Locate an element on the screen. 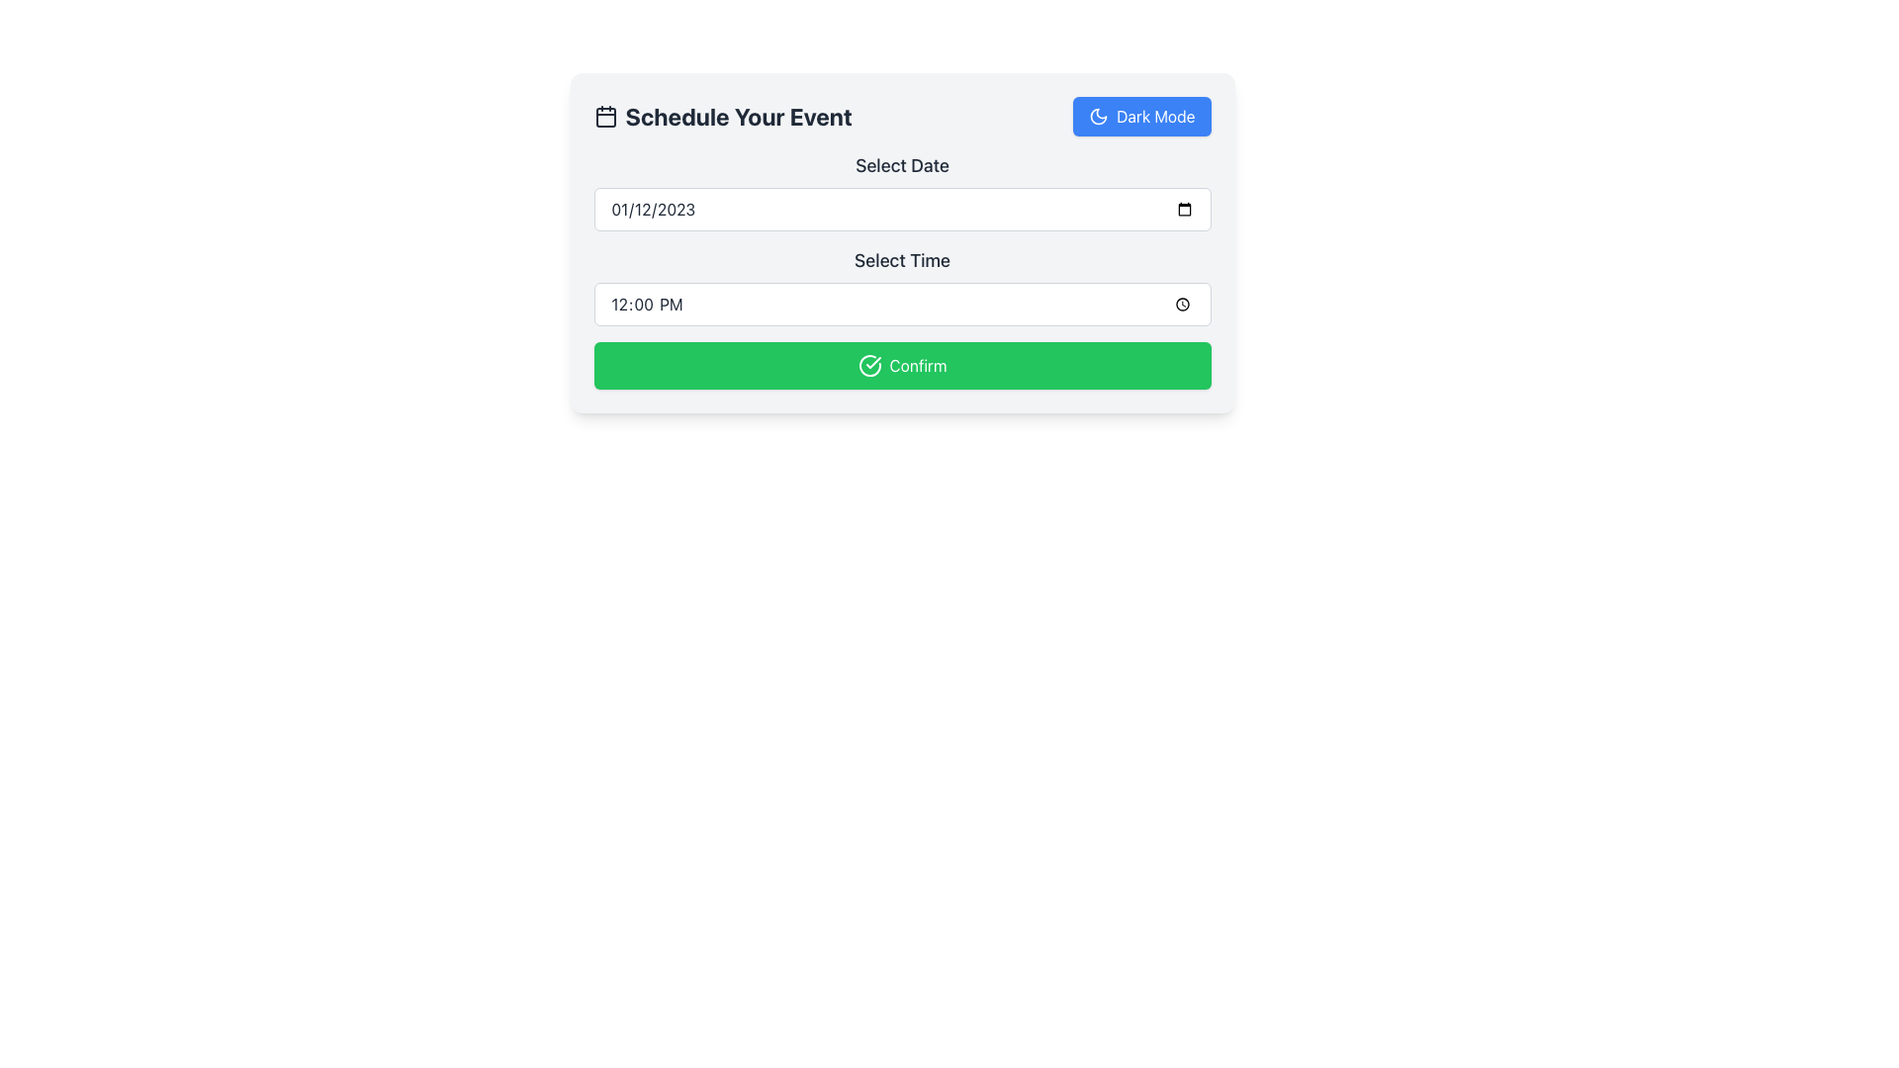  the green circular icon with a checkmark inside, located to the left of the 'Confirm' text within the green button is located at coordinates (869, 366).